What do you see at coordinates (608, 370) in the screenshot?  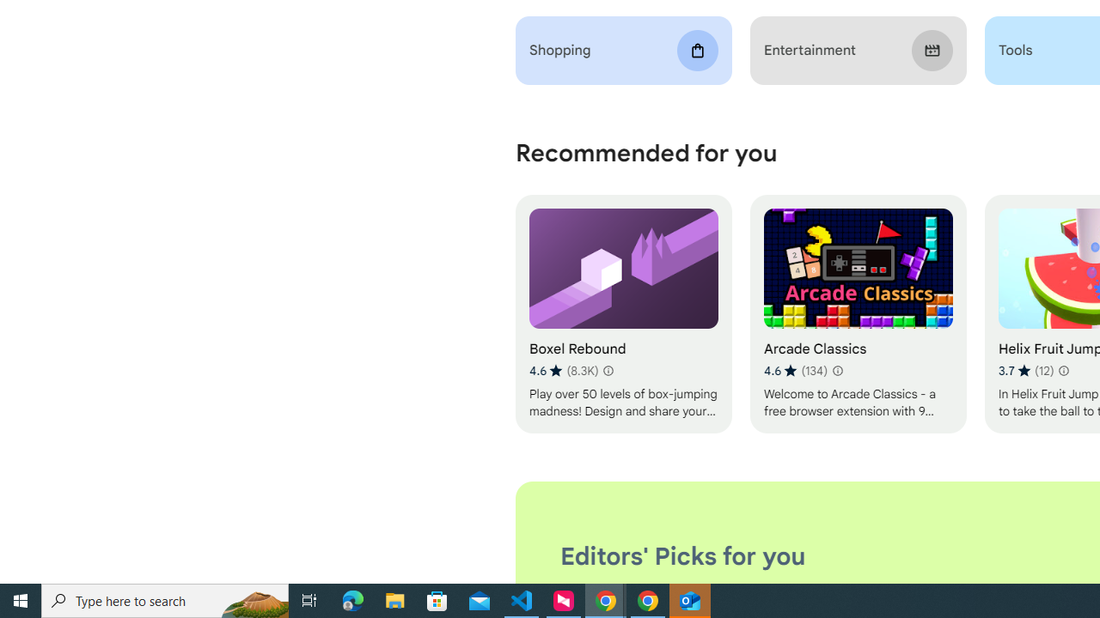 I see `'Learn more about results and reviews "Boxel Rebound"'` at bounding box center [608, 370].